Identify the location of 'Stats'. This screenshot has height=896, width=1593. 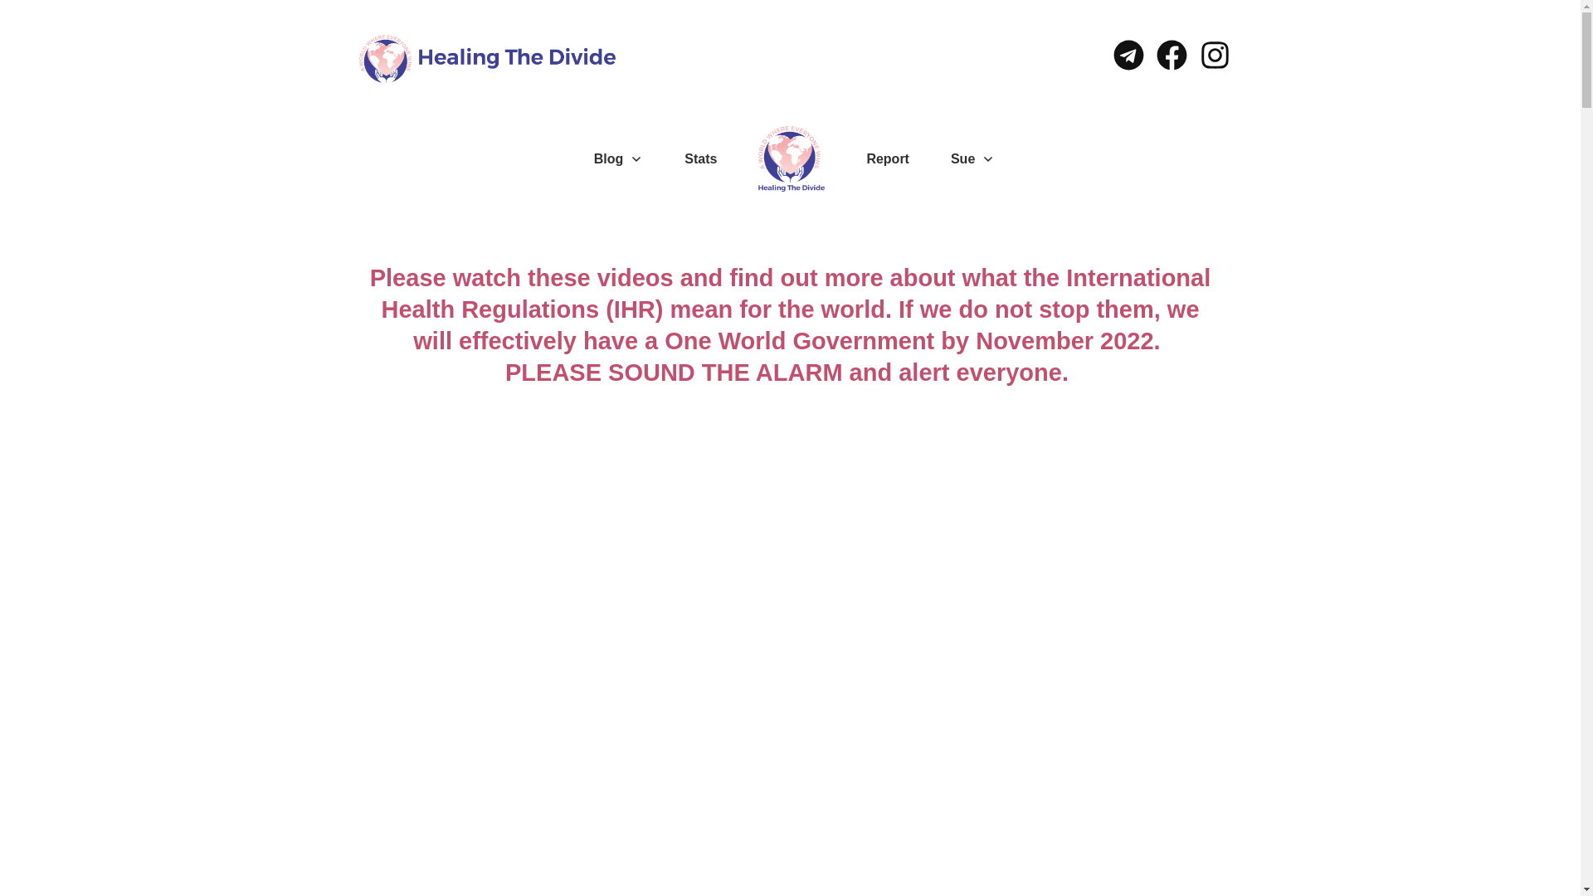
(700, 159).